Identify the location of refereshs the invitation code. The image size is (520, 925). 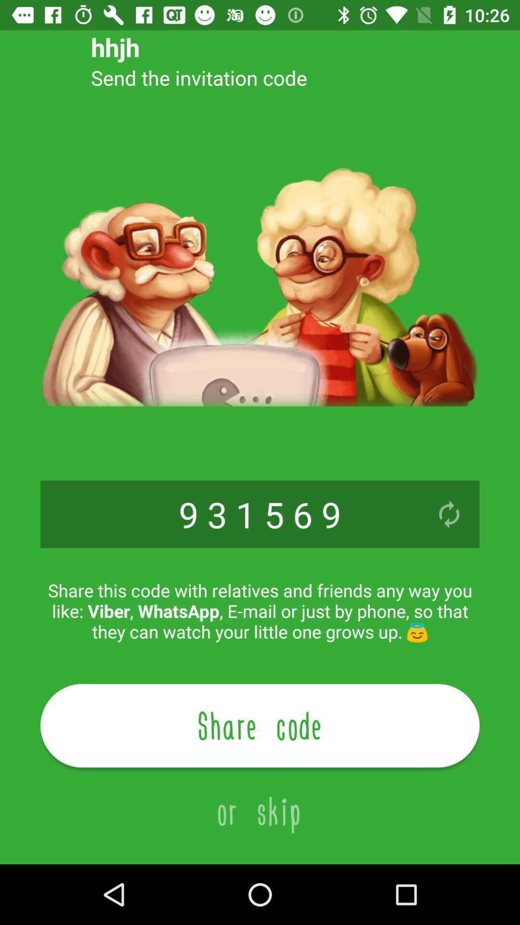
(449, 514).